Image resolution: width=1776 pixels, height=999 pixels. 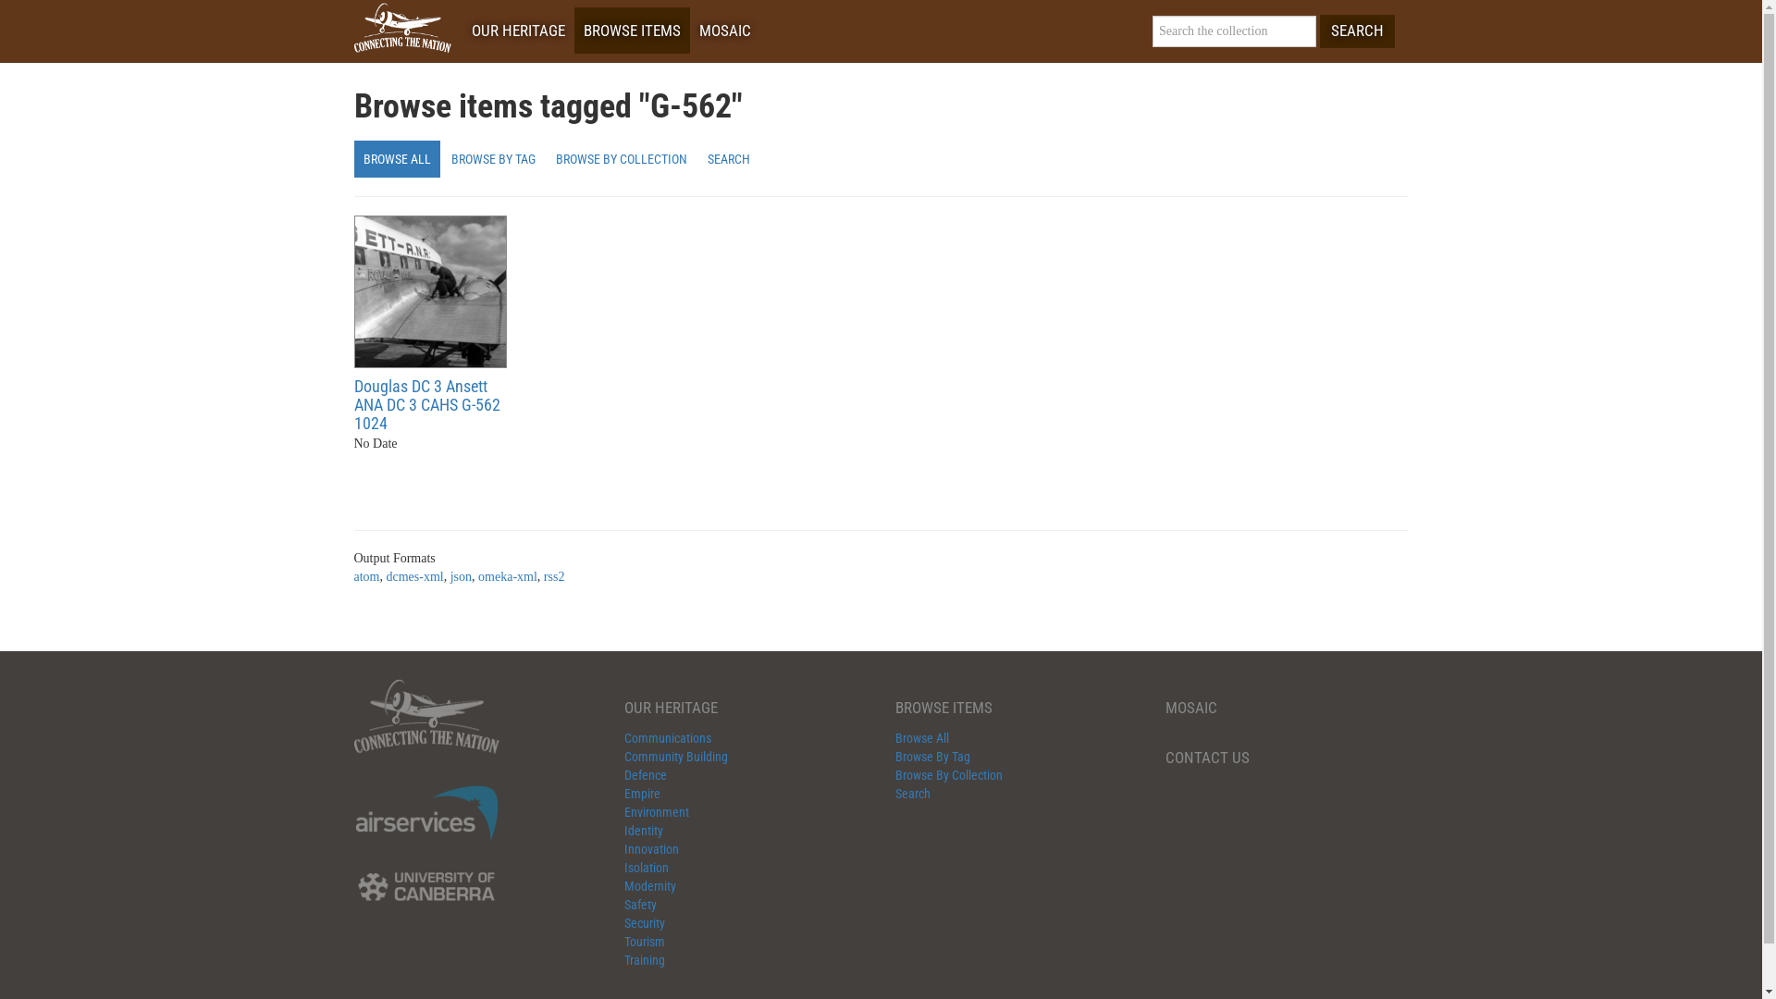 I want to click on 'dcmes-xml', so click(x=414, y=575).